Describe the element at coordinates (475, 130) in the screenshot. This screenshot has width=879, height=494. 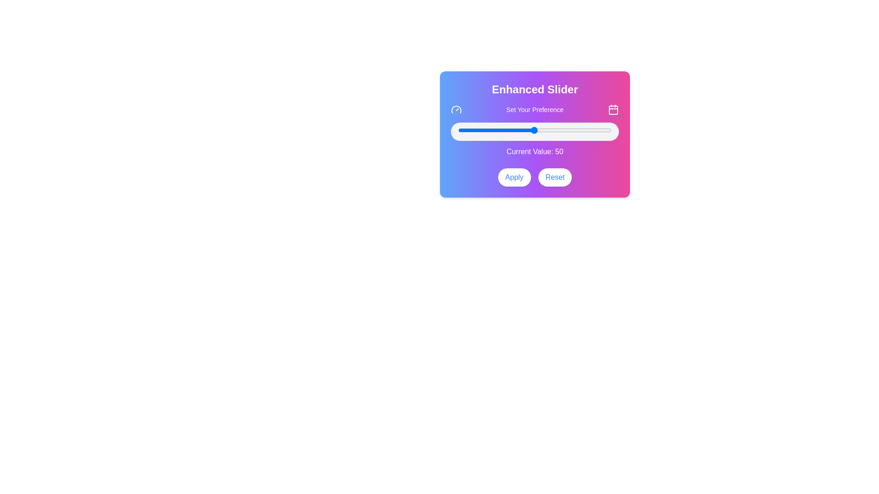
I see `the slider value` at that location.